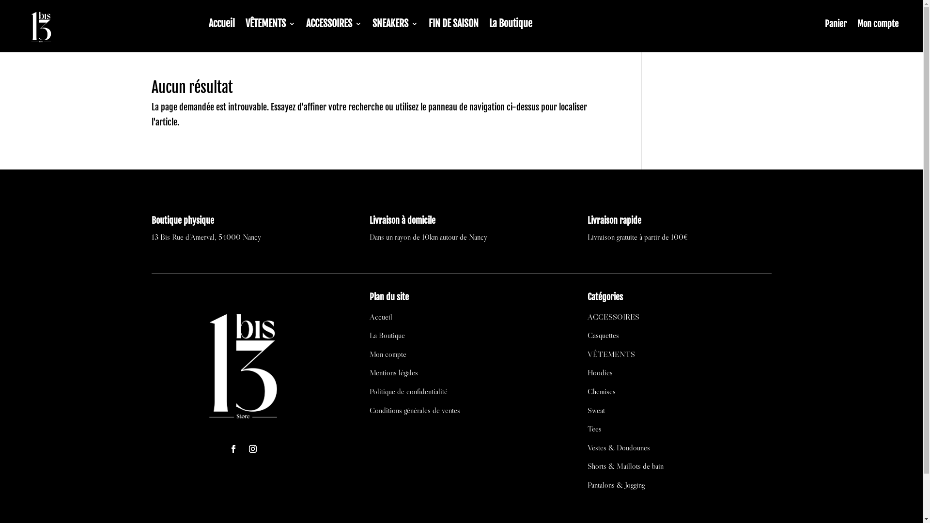  Describe the element at coordinates (601, 390) in the screenshot. I see `'Chemises'` at that location.